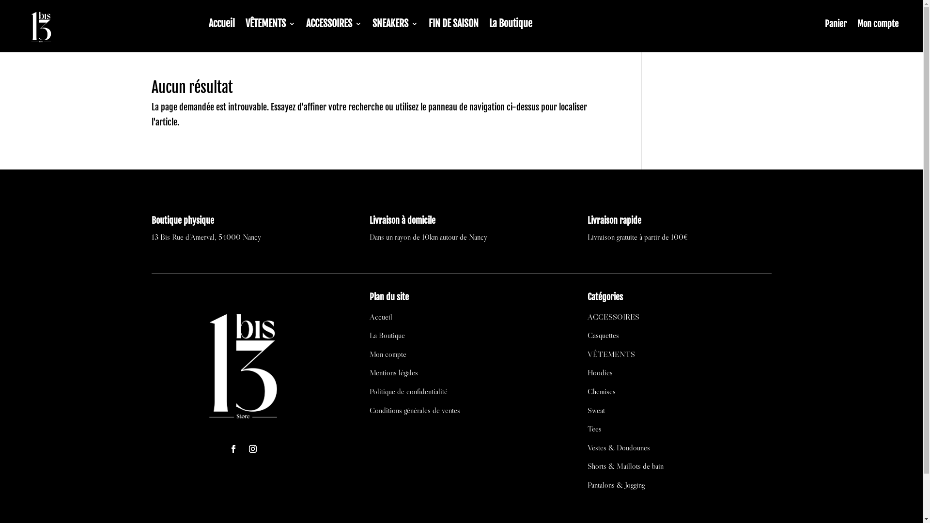  Describe the element at coordinates (601, 390) in the screenshot. I see `'Chemises'` at that location.